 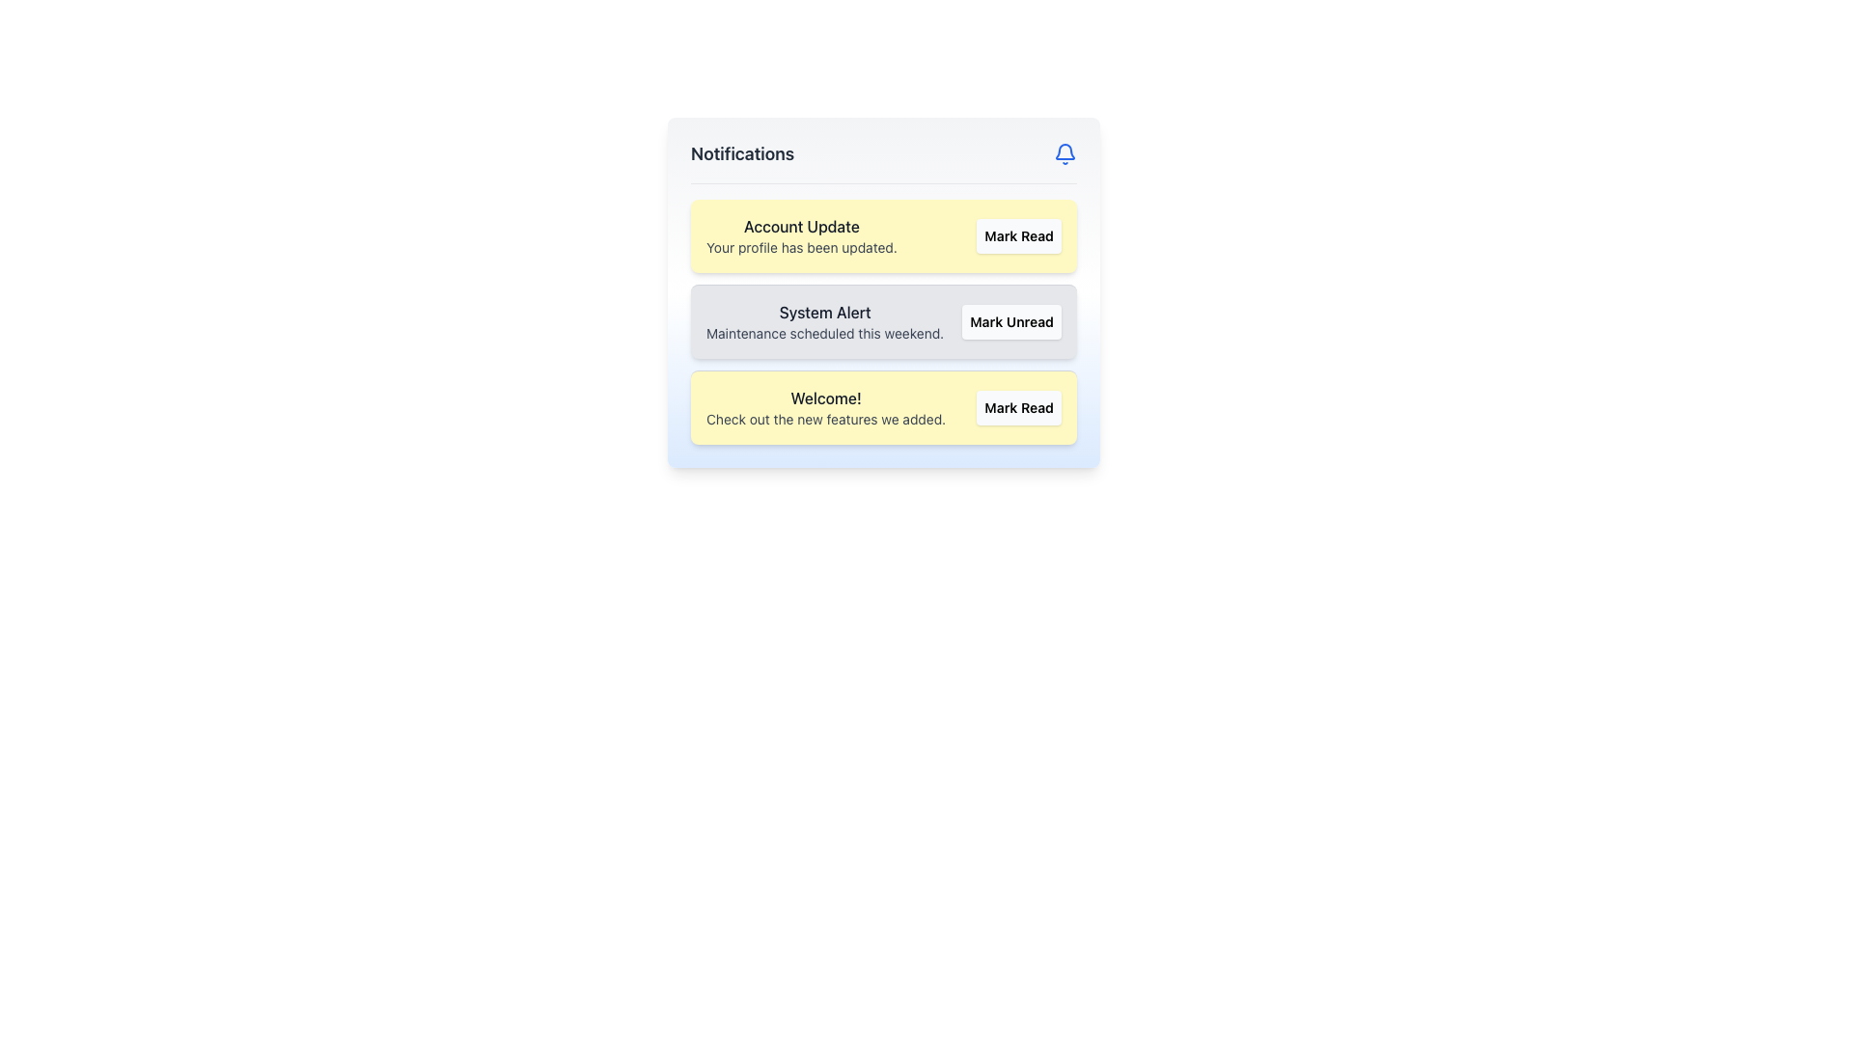 What do you see at coordinates (883, 406) in the screenshot?
I see `the Notification Banner titled 'Welcome!' which has a light yellow background and contains a button labeled 'Mark Read'` at bounding box center [883, 406].